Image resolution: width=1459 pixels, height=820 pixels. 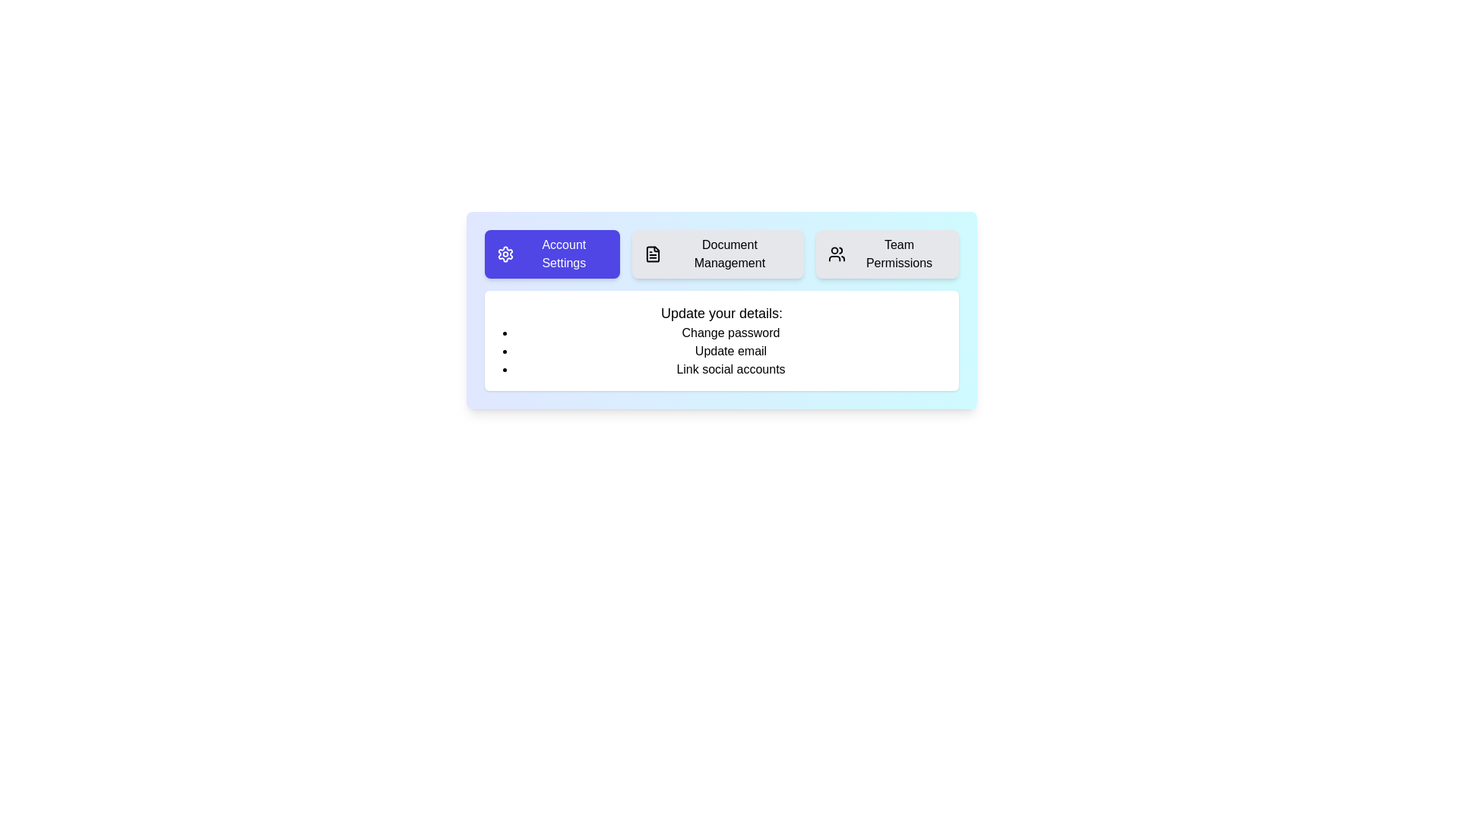 I want to click on the informational list located under the 'Update your details:' section, which contains options or steps related to account management, so click(x=721, y=351).